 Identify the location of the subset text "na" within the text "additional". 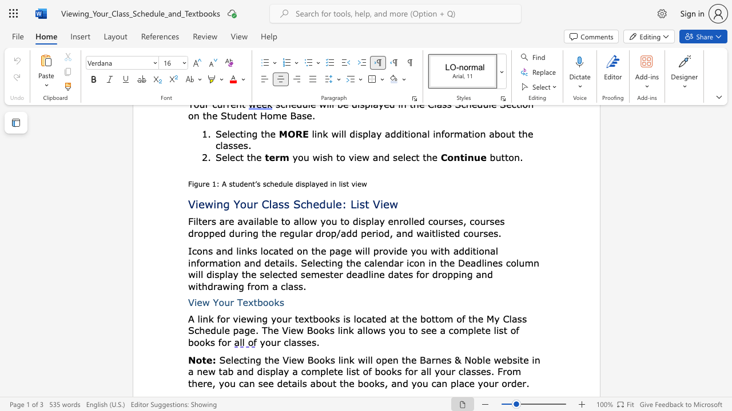
(484, 250).